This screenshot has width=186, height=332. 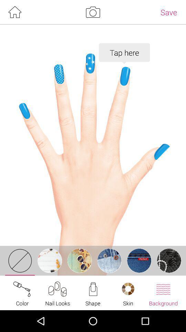 What do you see at coordinates (49, 260) in the screenshot?
I see `the circular image which is above nail looks` at bounding box center [49, 260].